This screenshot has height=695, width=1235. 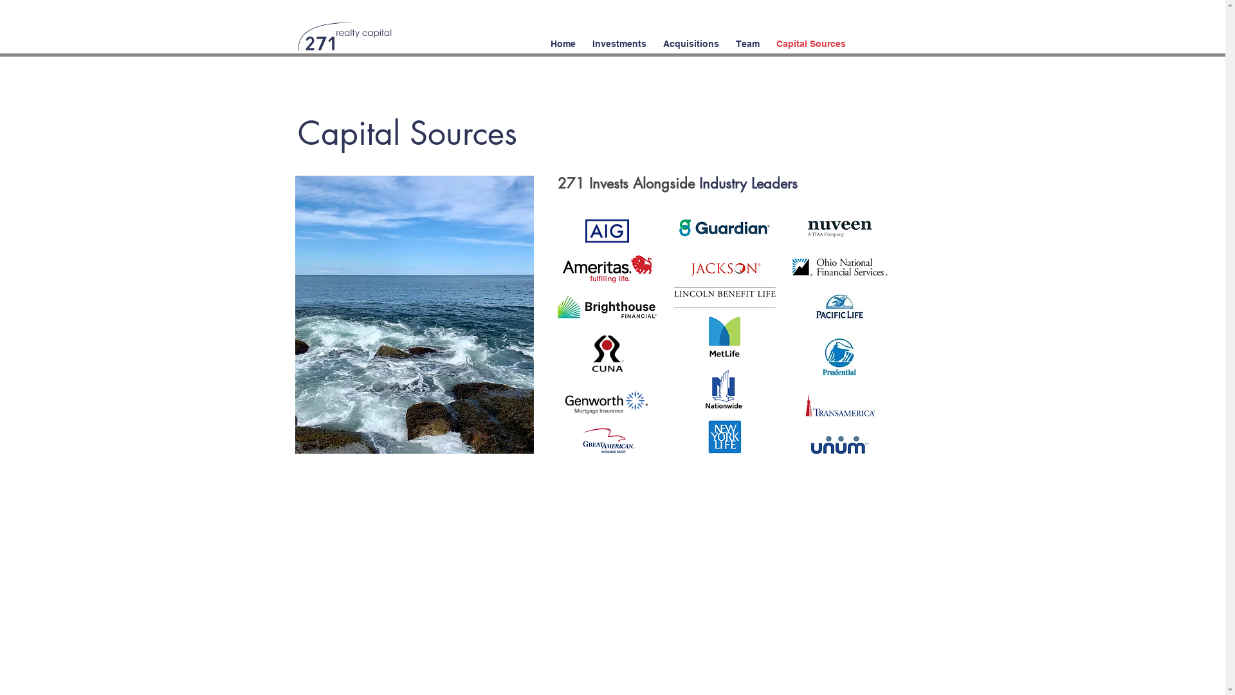 What do you see at coordinates (562, 37) in the screenshot?
I see `'Home'` at bounding box center [562, 37].